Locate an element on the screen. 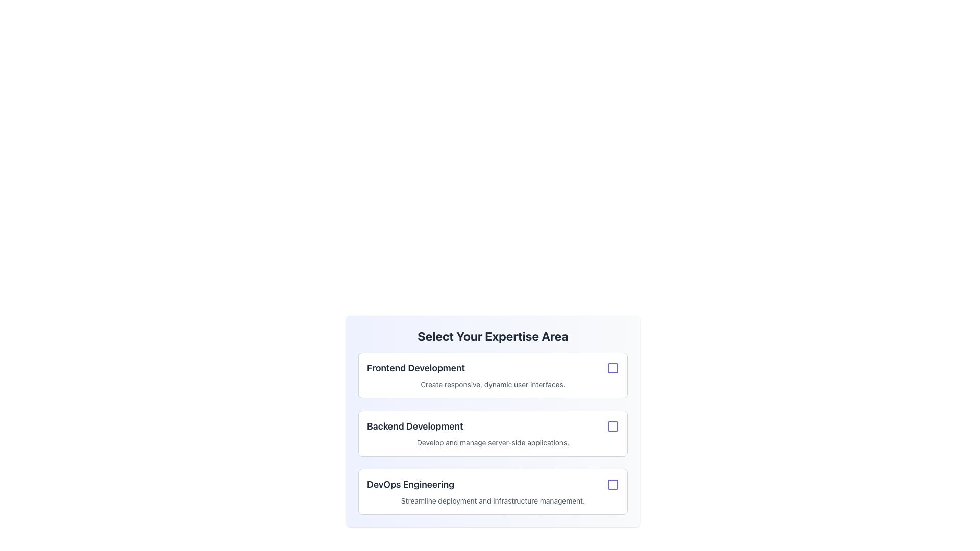 This screenshot has height=551, width=980. the checkbox for 'Backend Development', which is the second option in the list under 'Select Your Expertise Area' is located at coordinates (493, 433).